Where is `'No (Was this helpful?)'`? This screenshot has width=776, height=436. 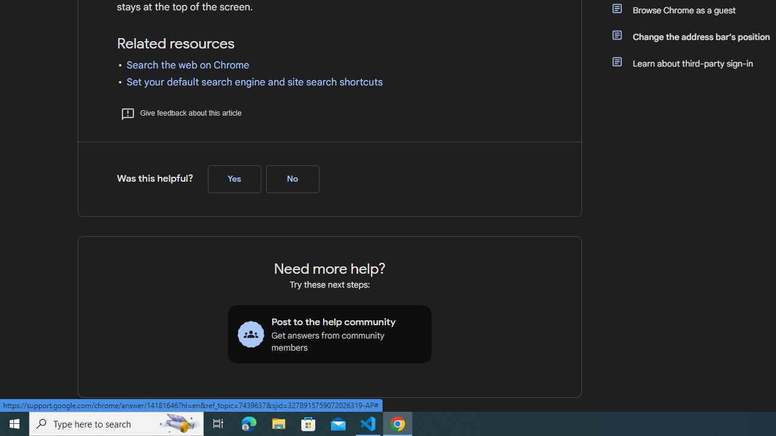
'No (Was this helpful?)' is located at coordinates (292, 179).